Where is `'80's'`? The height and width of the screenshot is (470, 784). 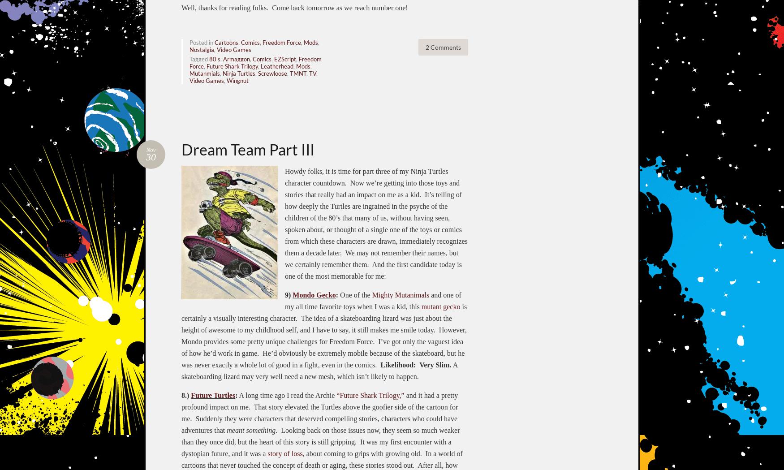 '80's' is located at coordinates (215, 59).